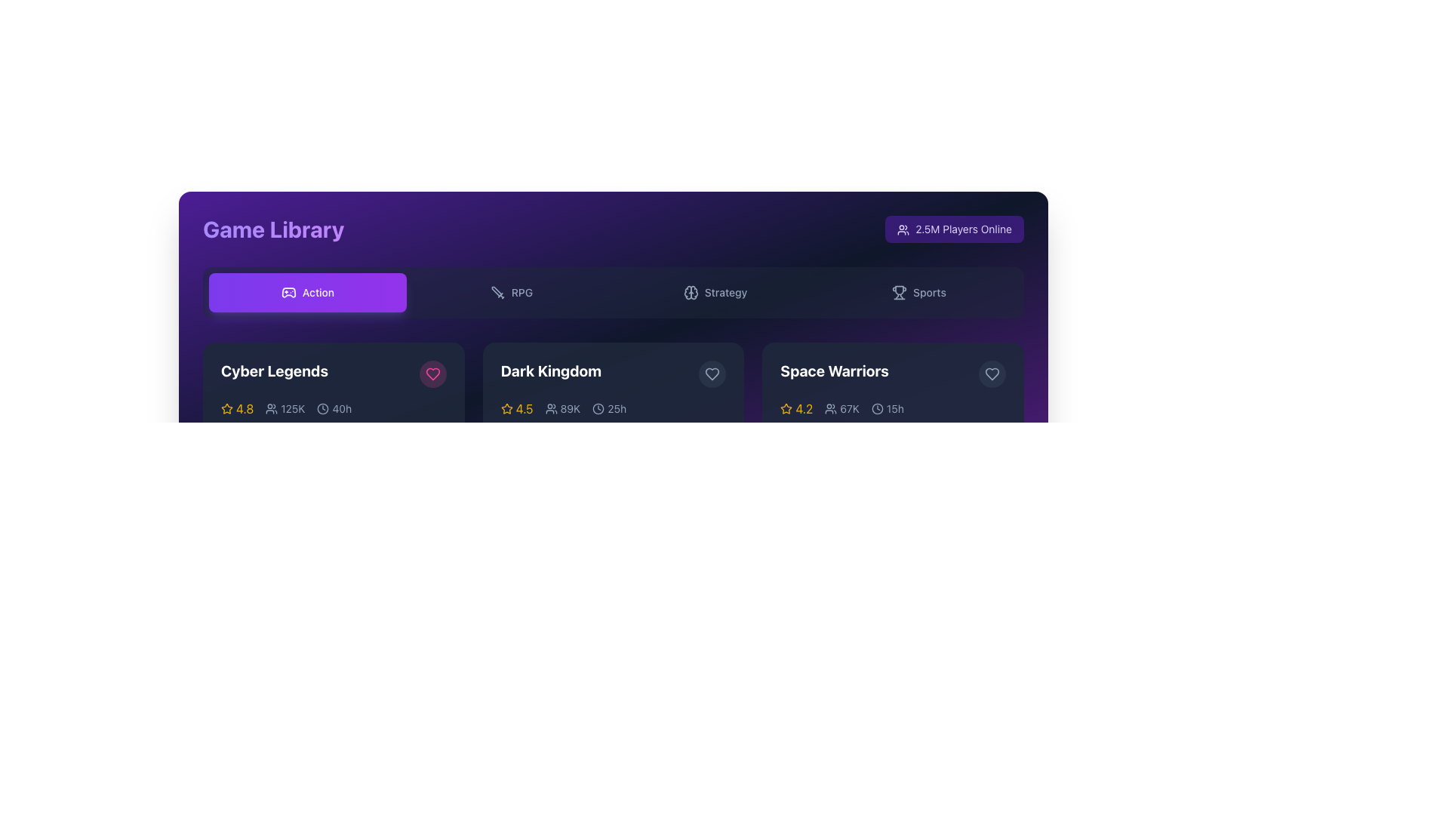 This screenshot has height=815, width=1449. What do you see at coordinates (715, 293) in the screenshot?
I see `the button labeled 'Strategy' with a brain-shaped icon, located in the center-right among the 'RPG' and 'Sports' tabs` at bounding box center [715, 293].